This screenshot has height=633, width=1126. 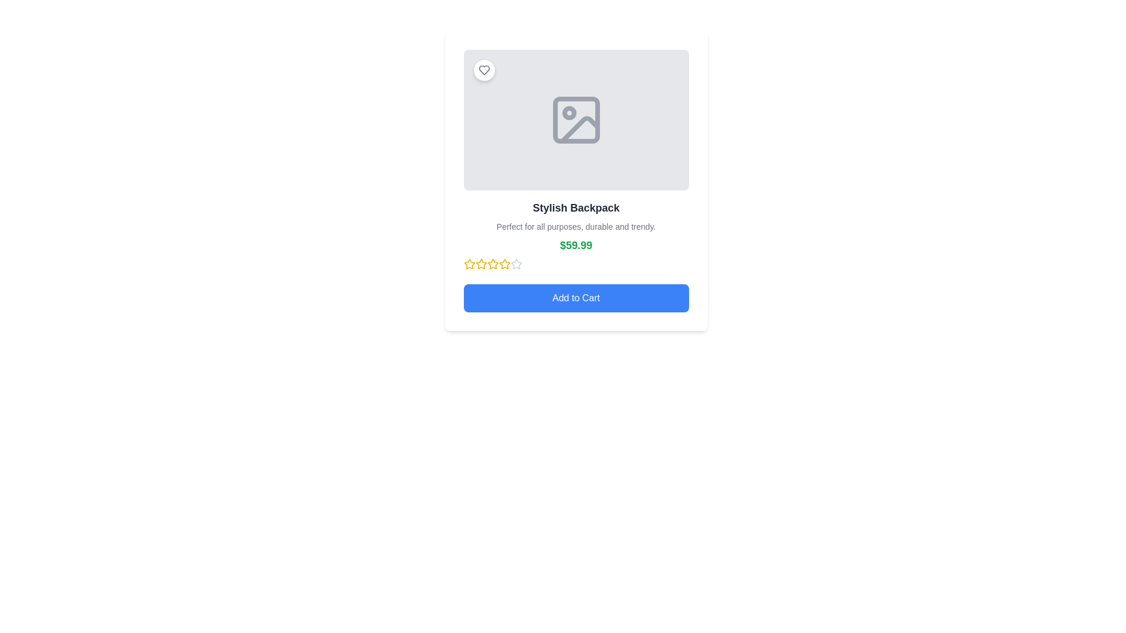 I want to click on the Placeholder Icon, which is a vector icon resembling a photograph with a mountain outline and a circular sun or moon, located in the upper section of a card layout, so click(x=576, y=120).